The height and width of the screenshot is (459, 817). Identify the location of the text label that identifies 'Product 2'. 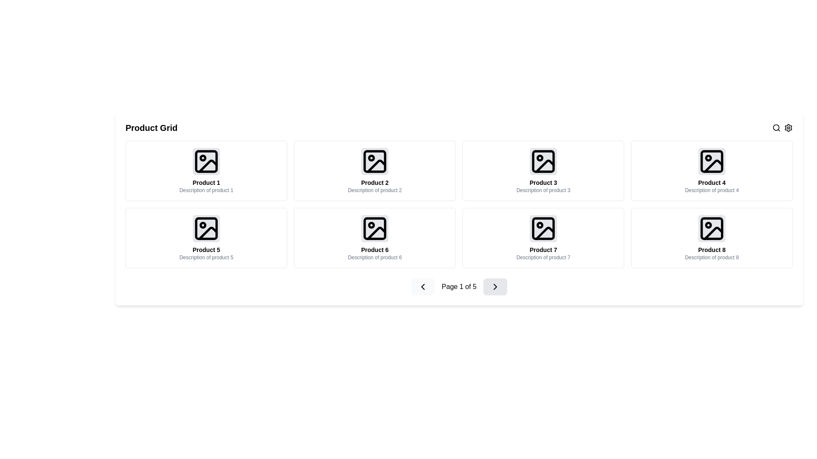
(374, 182).